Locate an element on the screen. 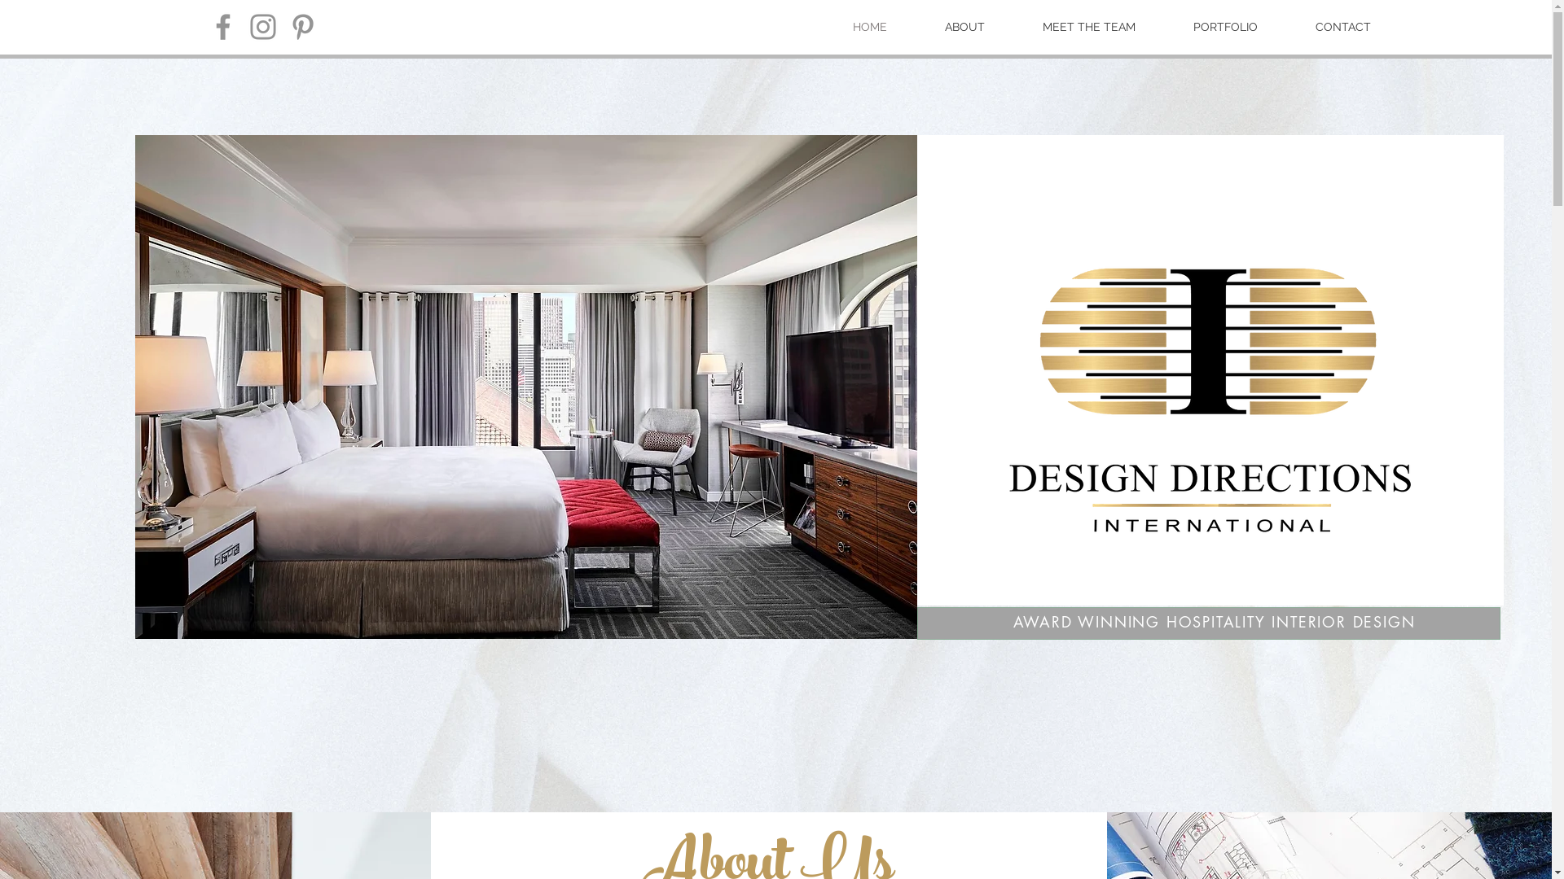 The width and height of the screenshot is (1564, 879). 'PORTFOLIO' is located at coordinates (1226, 27).